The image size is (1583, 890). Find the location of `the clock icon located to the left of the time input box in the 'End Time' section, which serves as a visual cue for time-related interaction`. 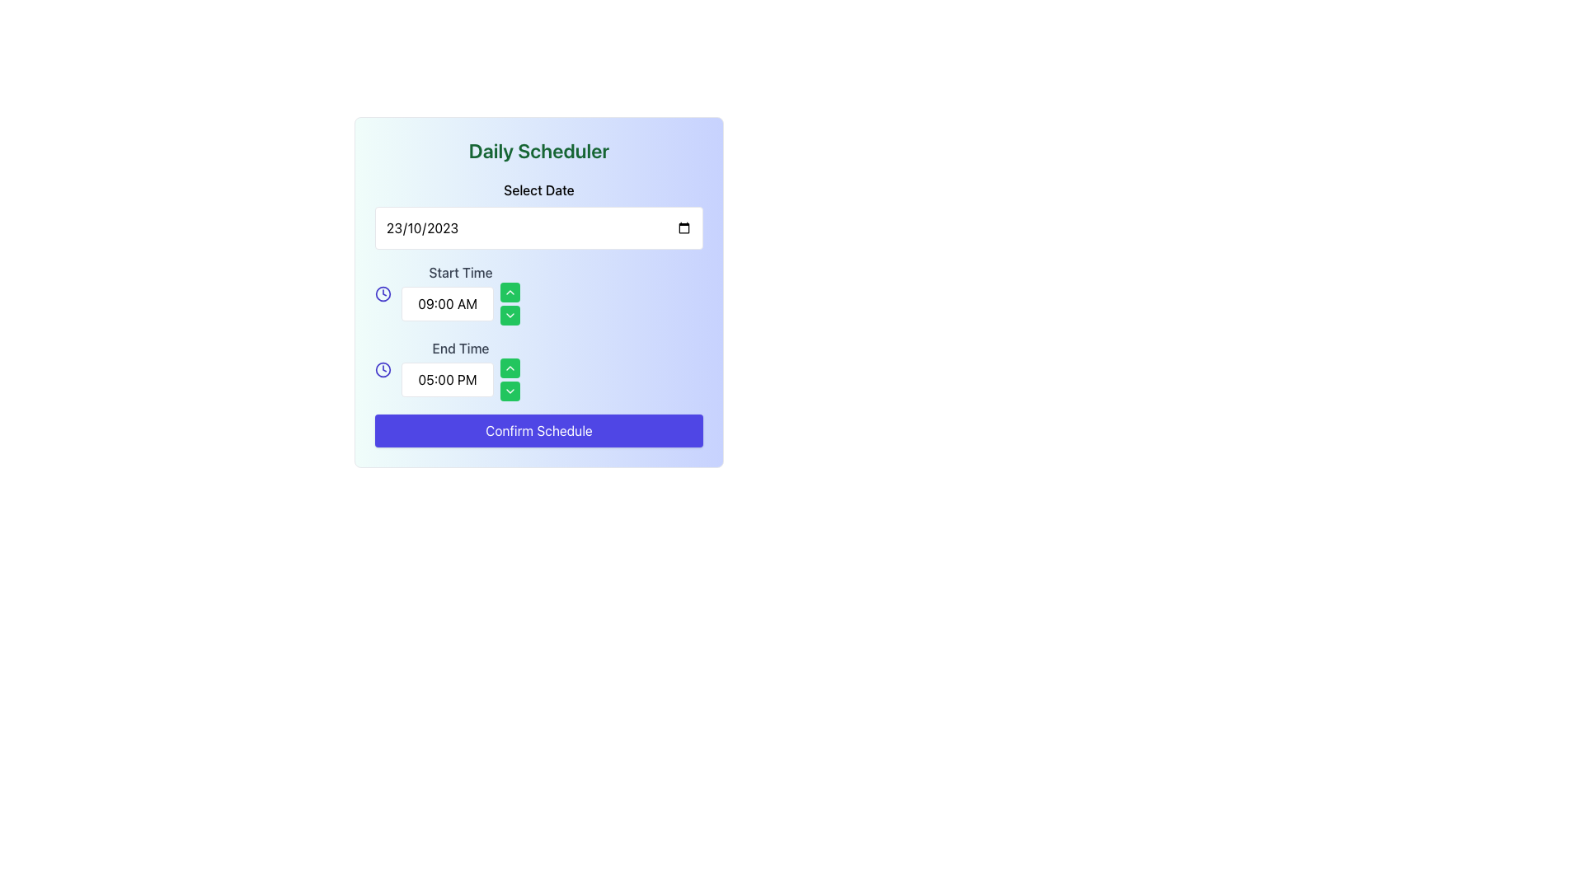

the clock icon located to the left of the time input box in the 'End Time' section, which serves as a visual cue for time-related interaction is located at coordinates (383, 368).